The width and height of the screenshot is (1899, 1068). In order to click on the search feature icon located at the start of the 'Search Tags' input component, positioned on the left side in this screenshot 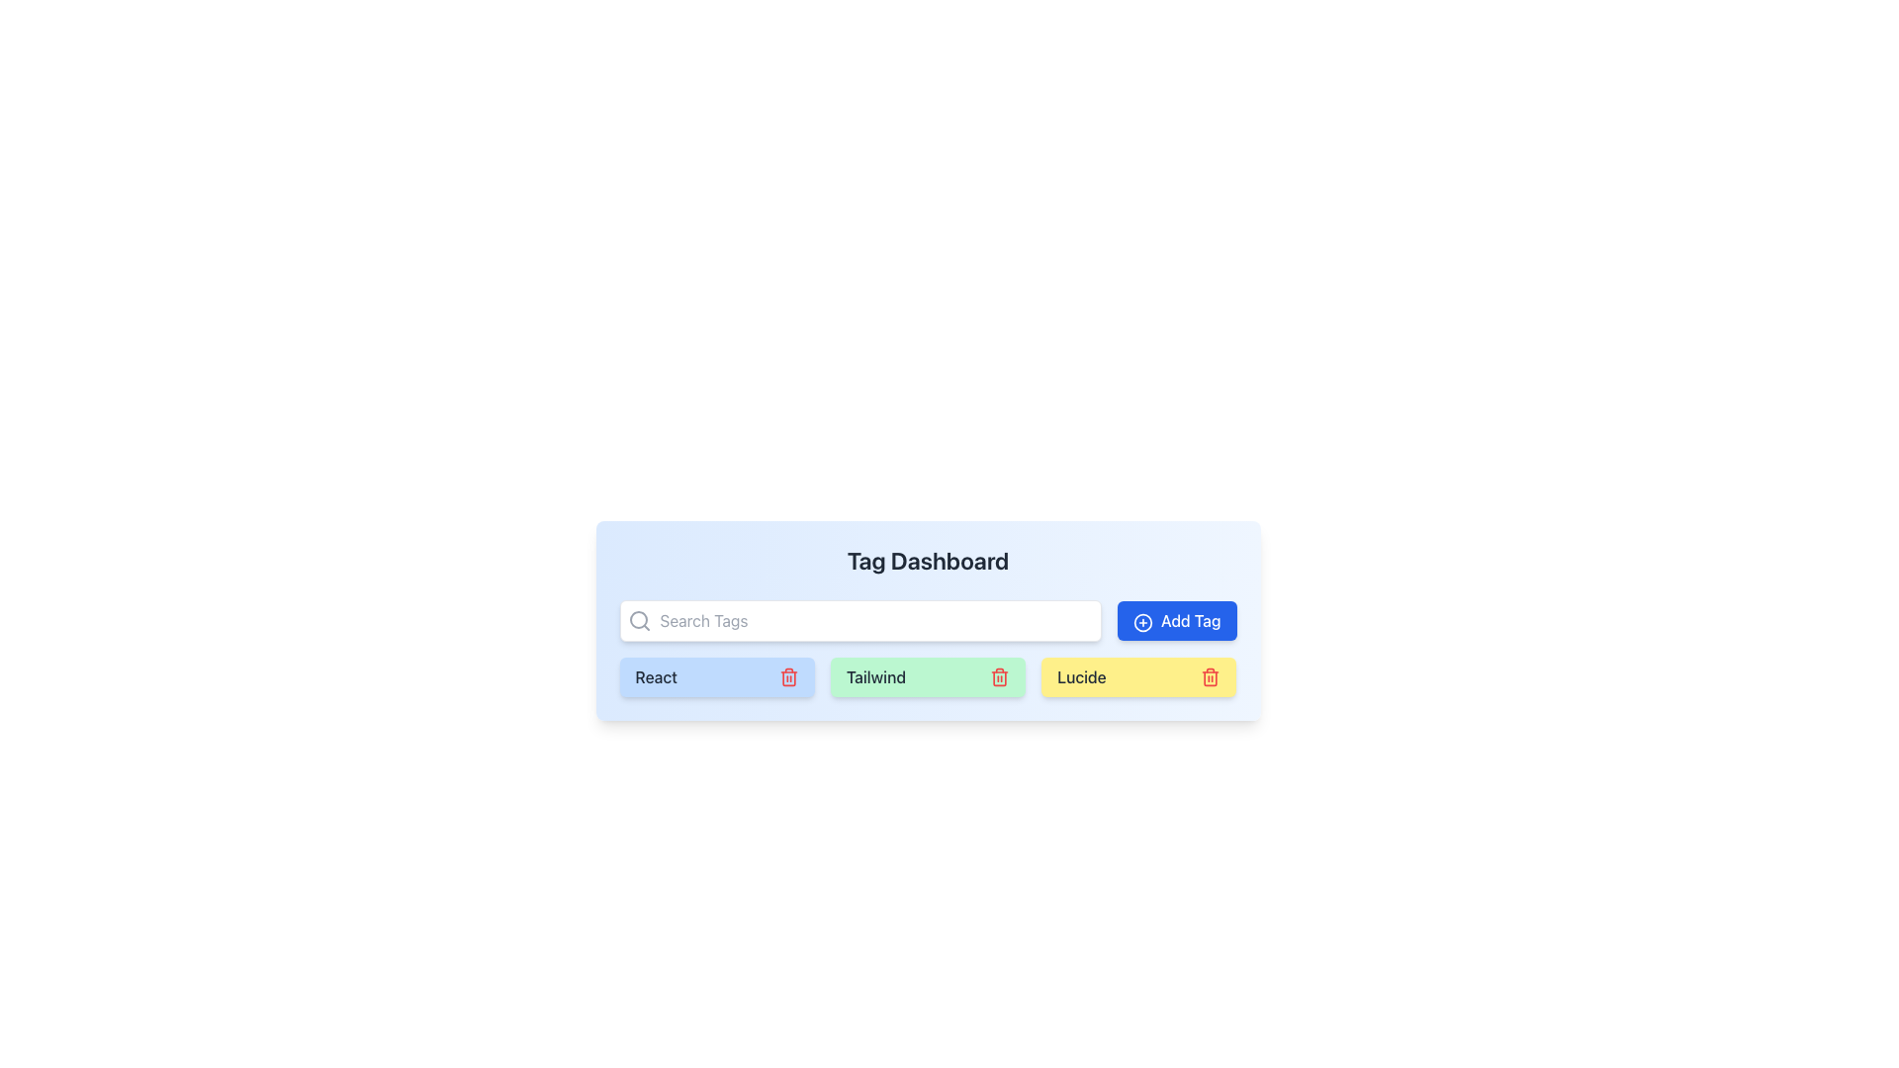, I will do `click(639, 620)`.